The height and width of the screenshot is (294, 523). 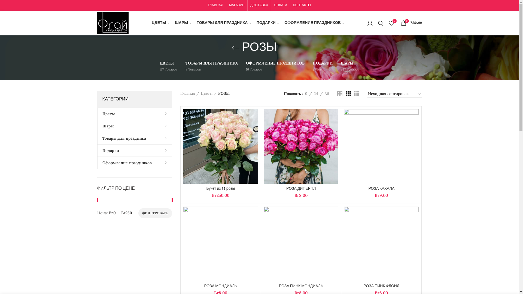 What do you see at coordinates (306, 93) in the screenshot?
I see `'9'` at bounding box center [306, 93].